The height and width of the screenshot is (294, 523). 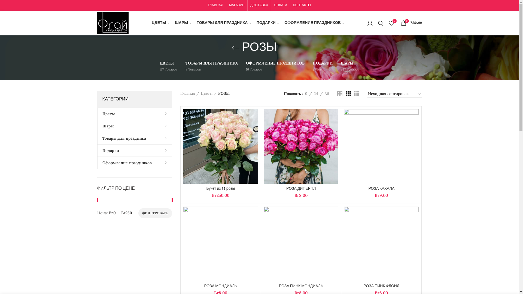 What do you see at coordinates (306, 93) in the screenshot?
I see `'9'` at bounding box center [306, 93].